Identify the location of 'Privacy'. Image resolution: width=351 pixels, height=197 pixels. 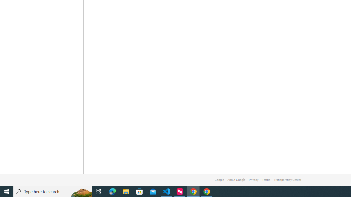
(253, 180).